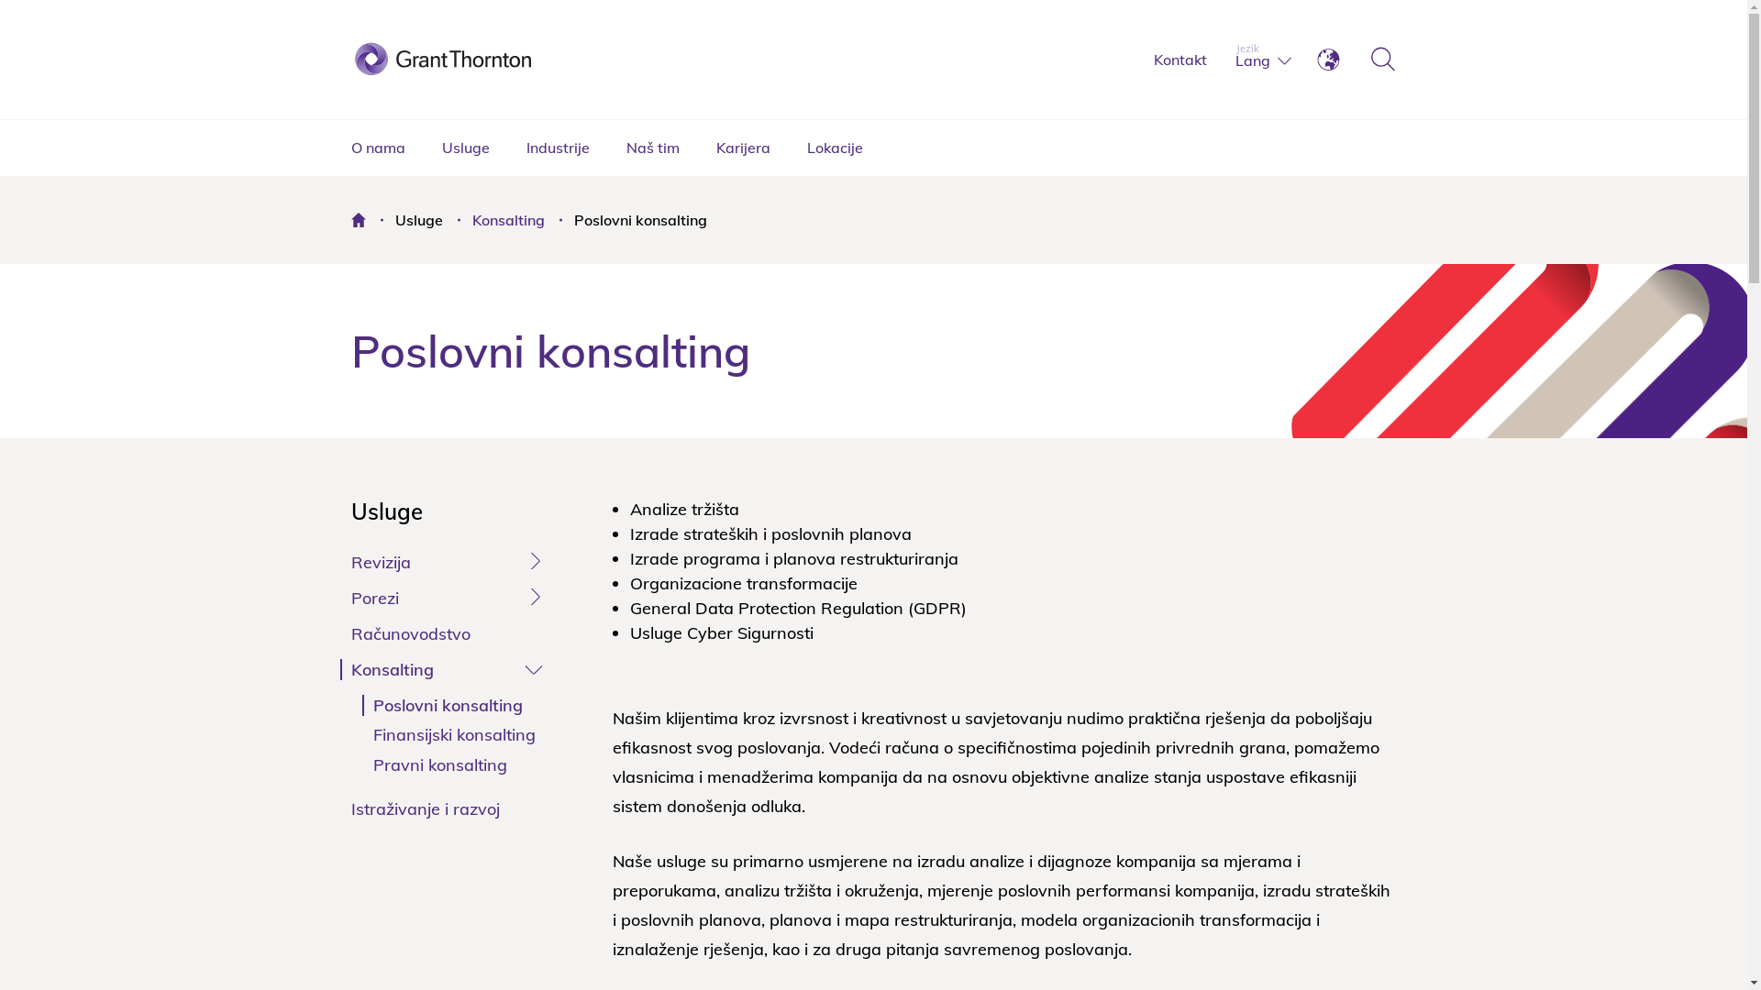  I want to click on 'Lokacije', so click(834, 147).